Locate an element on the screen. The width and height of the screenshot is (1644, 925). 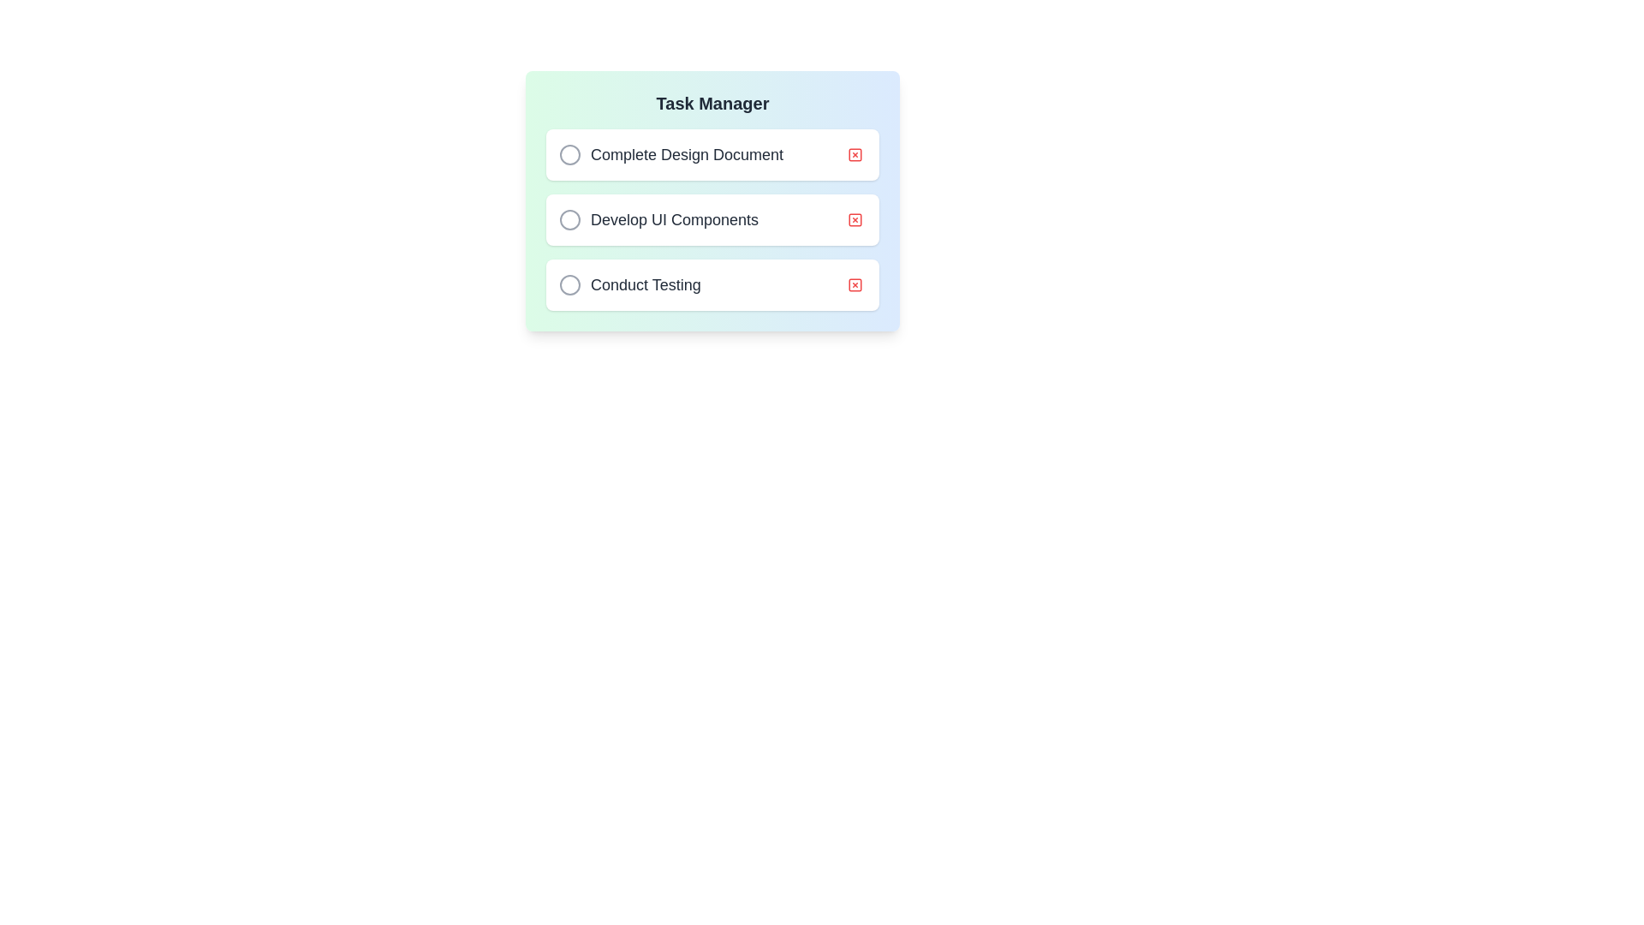
the button located at the right end of the first row of task items is located at coordinates (855, 155).